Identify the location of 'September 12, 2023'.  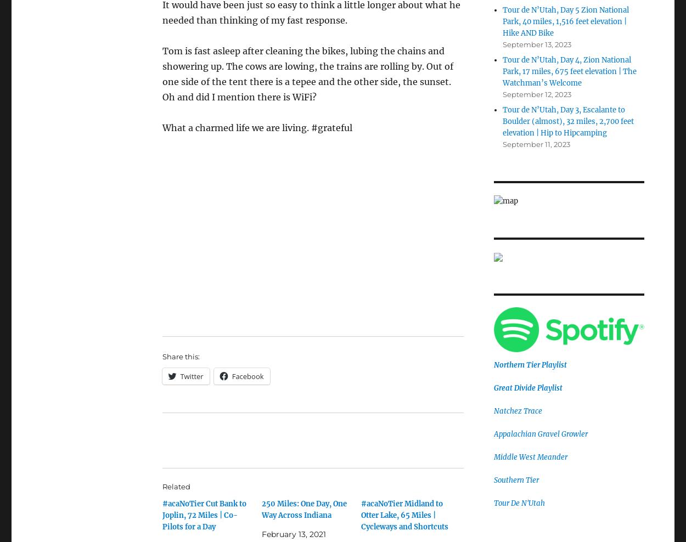
(536, 93).